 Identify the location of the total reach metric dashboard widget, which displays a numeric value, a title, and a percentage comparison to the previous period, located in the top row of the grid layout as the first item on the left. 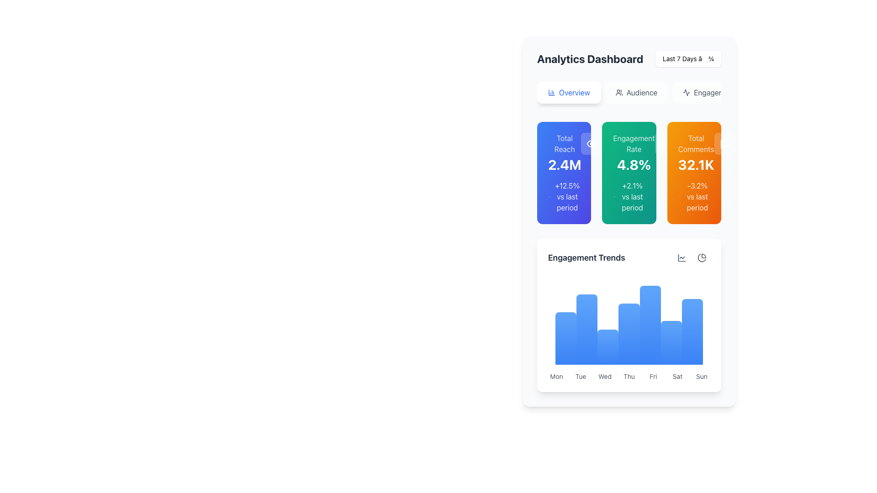
(564, 173).